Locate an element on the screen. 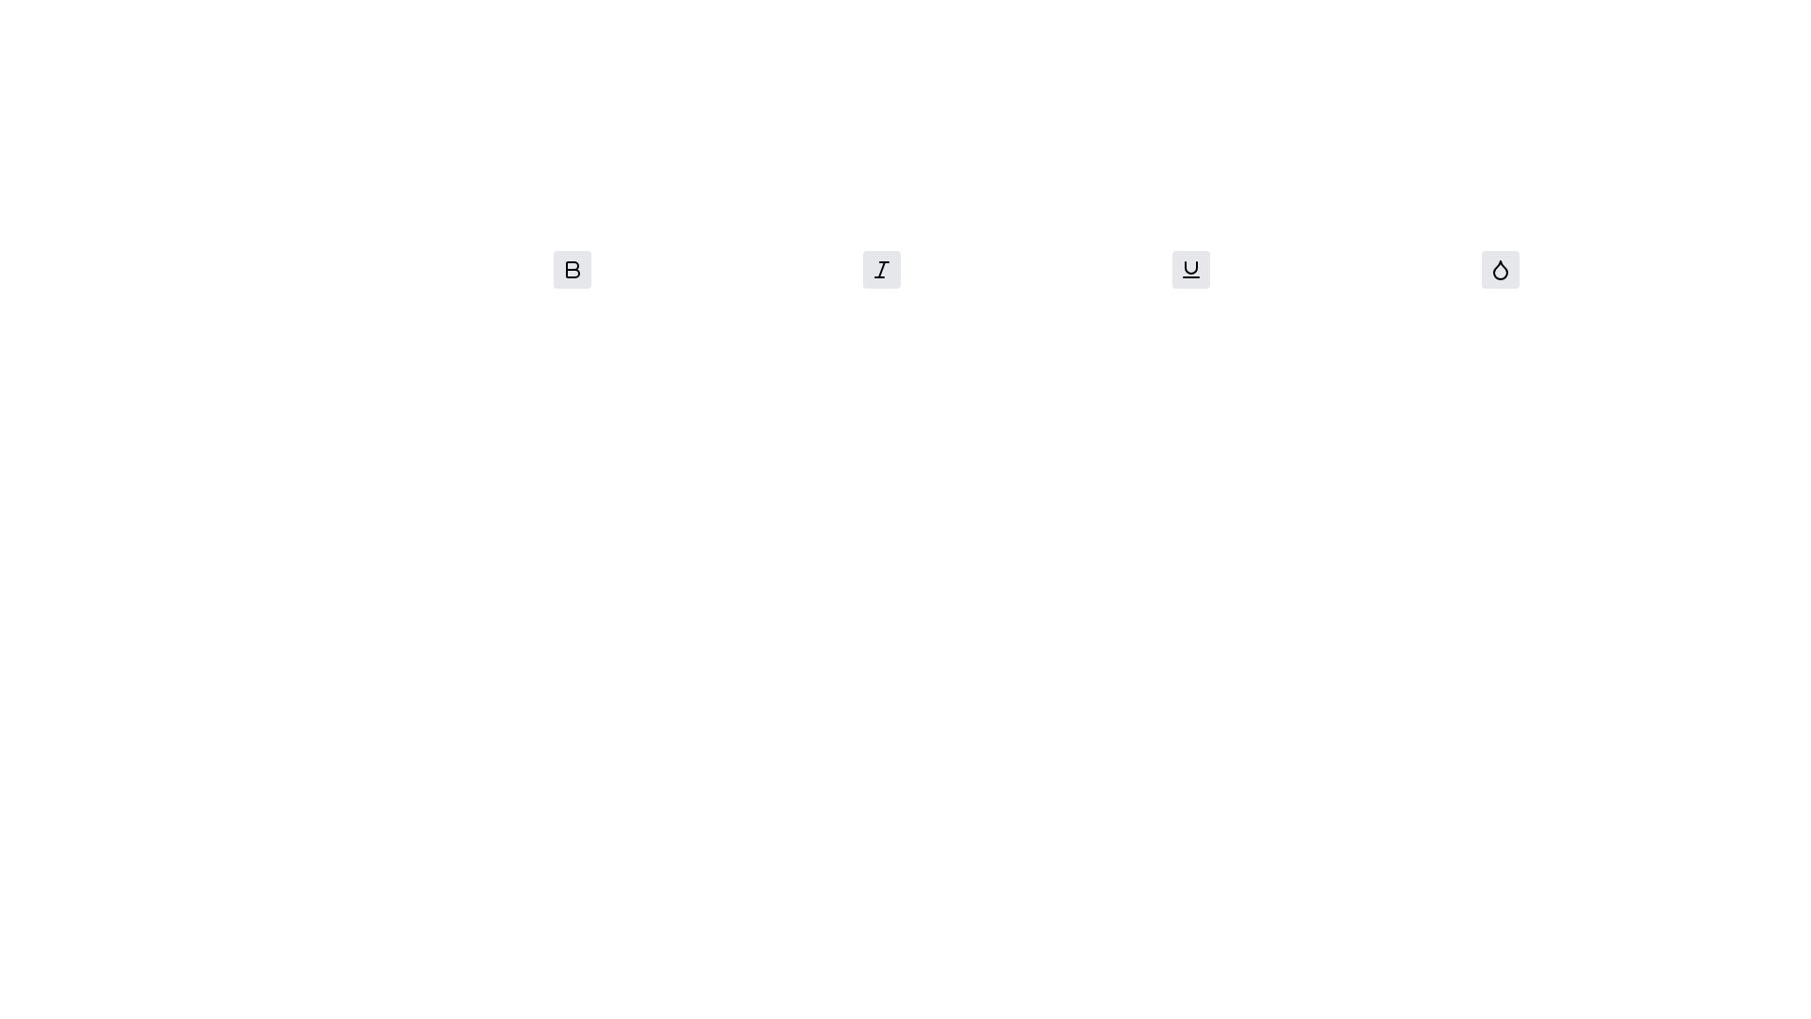 This screenshot has height=1019, width=1811. the Iconic button, which is the leftmost in a sequence of text formatting icons is located at coordinates (572, 269).